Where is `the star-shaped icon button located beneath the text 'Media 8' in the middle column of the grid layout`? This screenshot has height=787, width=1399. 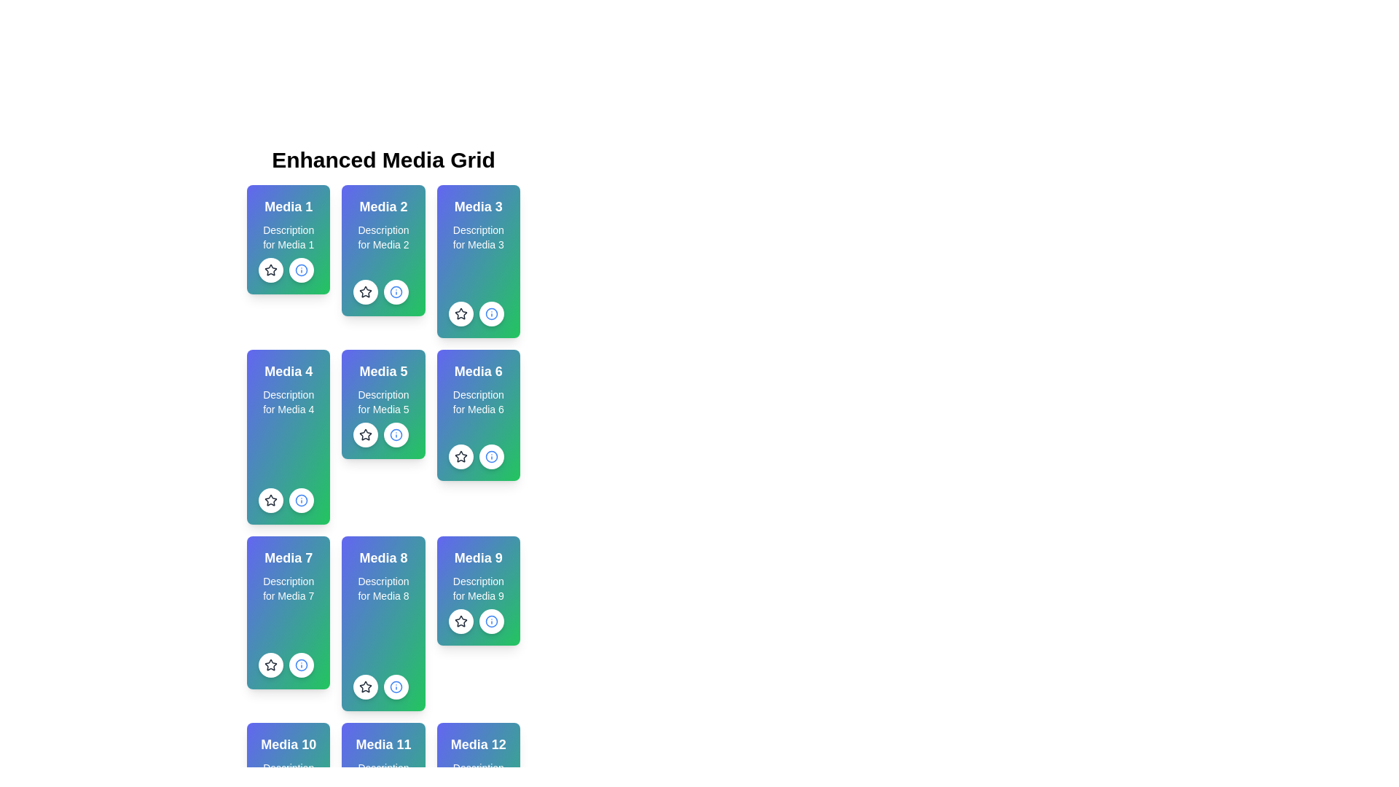
the star-shaped icon button located beneath the text 'Media 8' in the middle column of the grid layout is located at coordinates (366, 686).